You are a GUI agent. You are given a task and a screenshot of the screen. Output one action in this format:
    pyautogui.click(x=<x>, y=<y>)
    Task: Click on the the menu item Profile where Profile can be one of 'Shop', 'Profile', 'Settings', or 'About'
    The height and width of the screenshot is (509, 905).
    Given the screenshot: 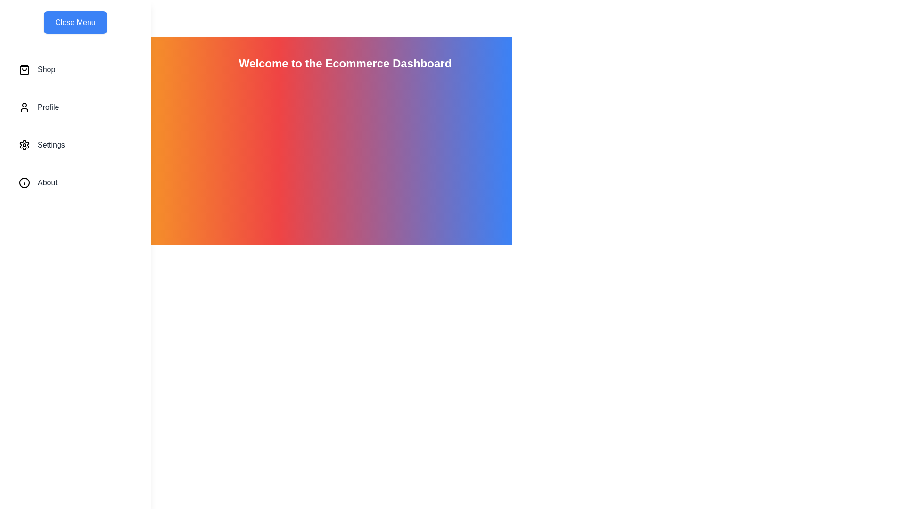 What is the action you would take?
    pyautogui.click(x=74, y=107)
    